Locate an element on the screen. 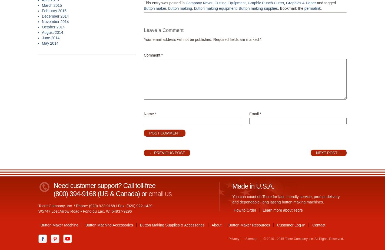 This screenshot has height=250, width=385. 'Made in U.S.A.' is located at coordinates (253, 186).